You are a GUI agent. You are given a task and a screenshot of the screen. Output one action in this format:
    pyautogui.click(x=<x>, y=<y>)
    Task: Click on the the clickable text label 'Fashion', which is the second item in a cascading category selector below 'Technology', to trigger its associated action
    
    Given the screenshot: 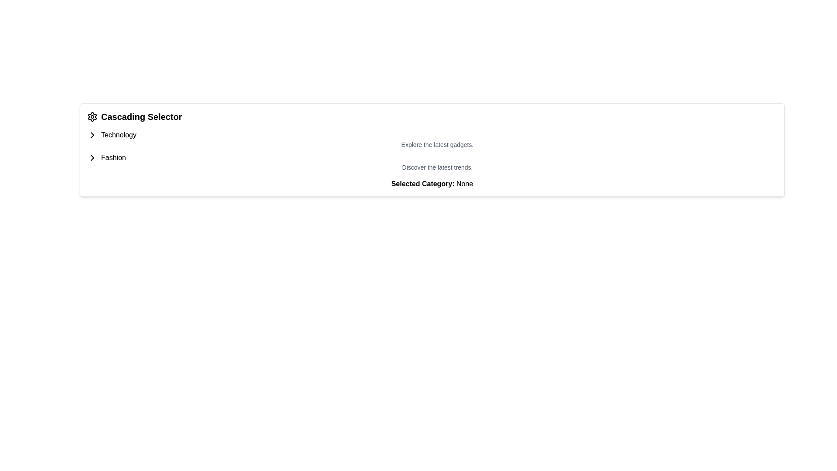 What is the action you would take?
    pyautogui.click(x=113, y=158)
    